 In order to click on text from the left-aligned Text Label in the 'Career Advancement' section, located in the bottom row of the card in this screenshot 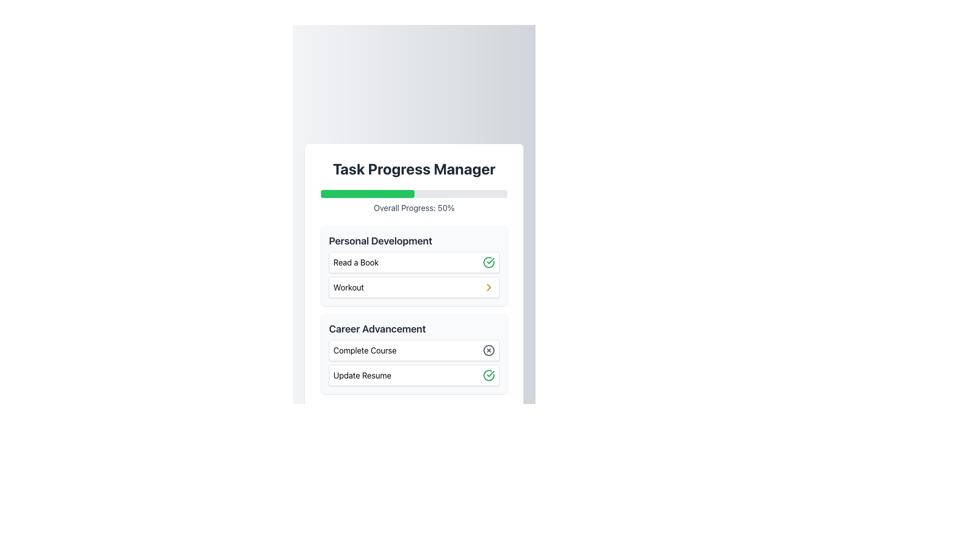, I will do `click(361, 375)`.